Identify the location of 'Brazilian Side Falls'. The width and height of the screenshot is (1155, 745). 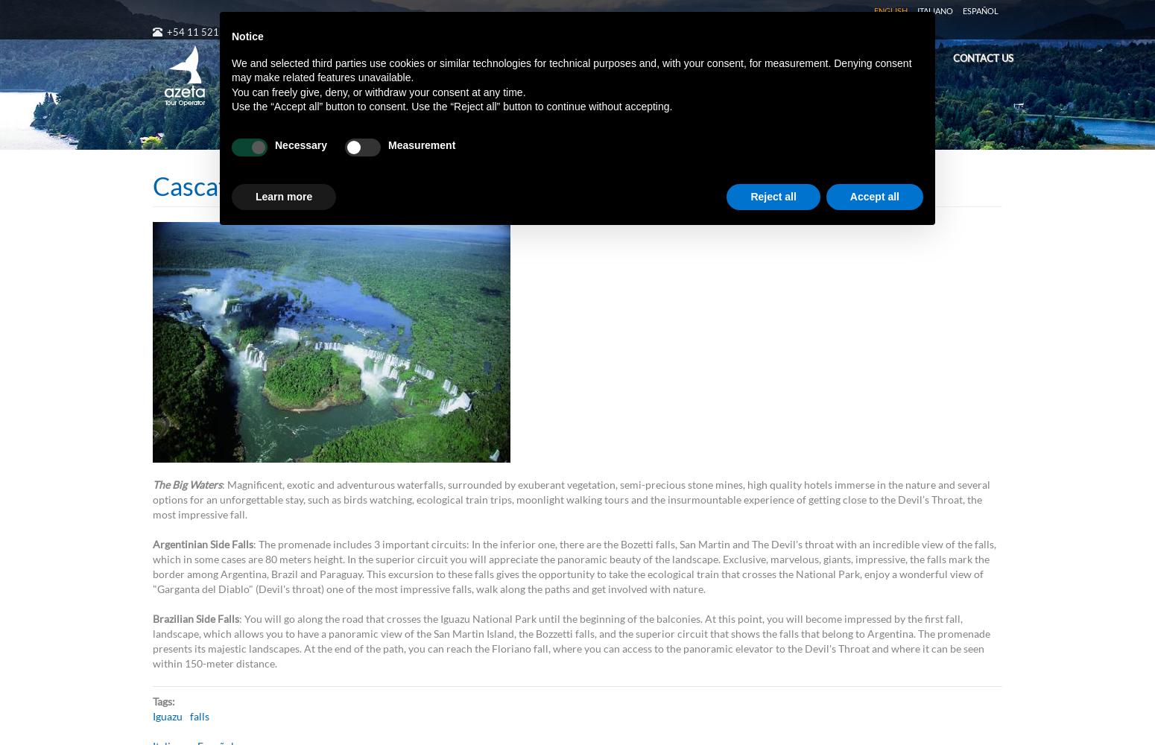
(196, 618).